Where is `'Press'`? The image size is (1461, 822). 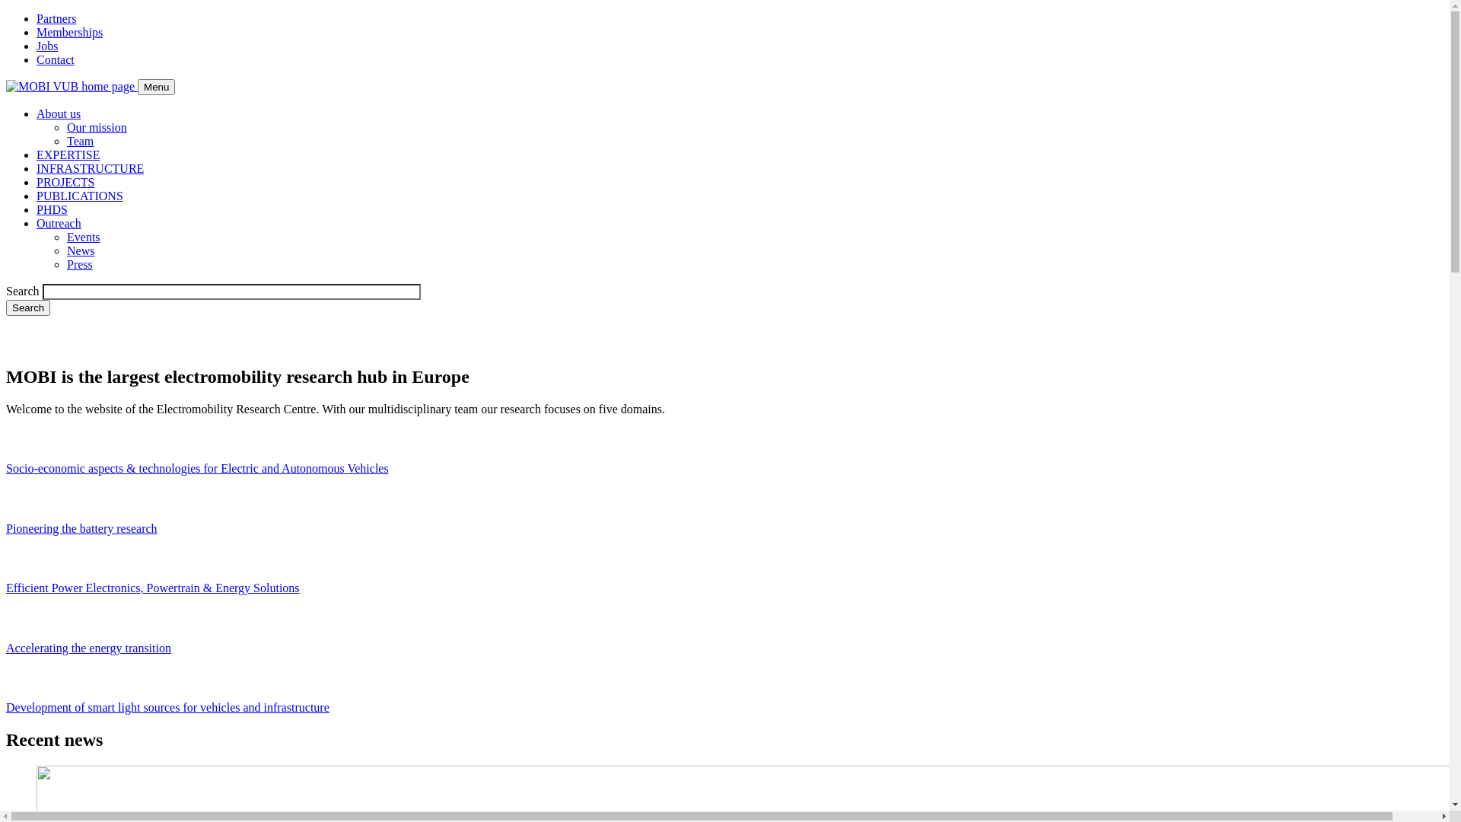
'Press' is located at coordinates (65, 263).